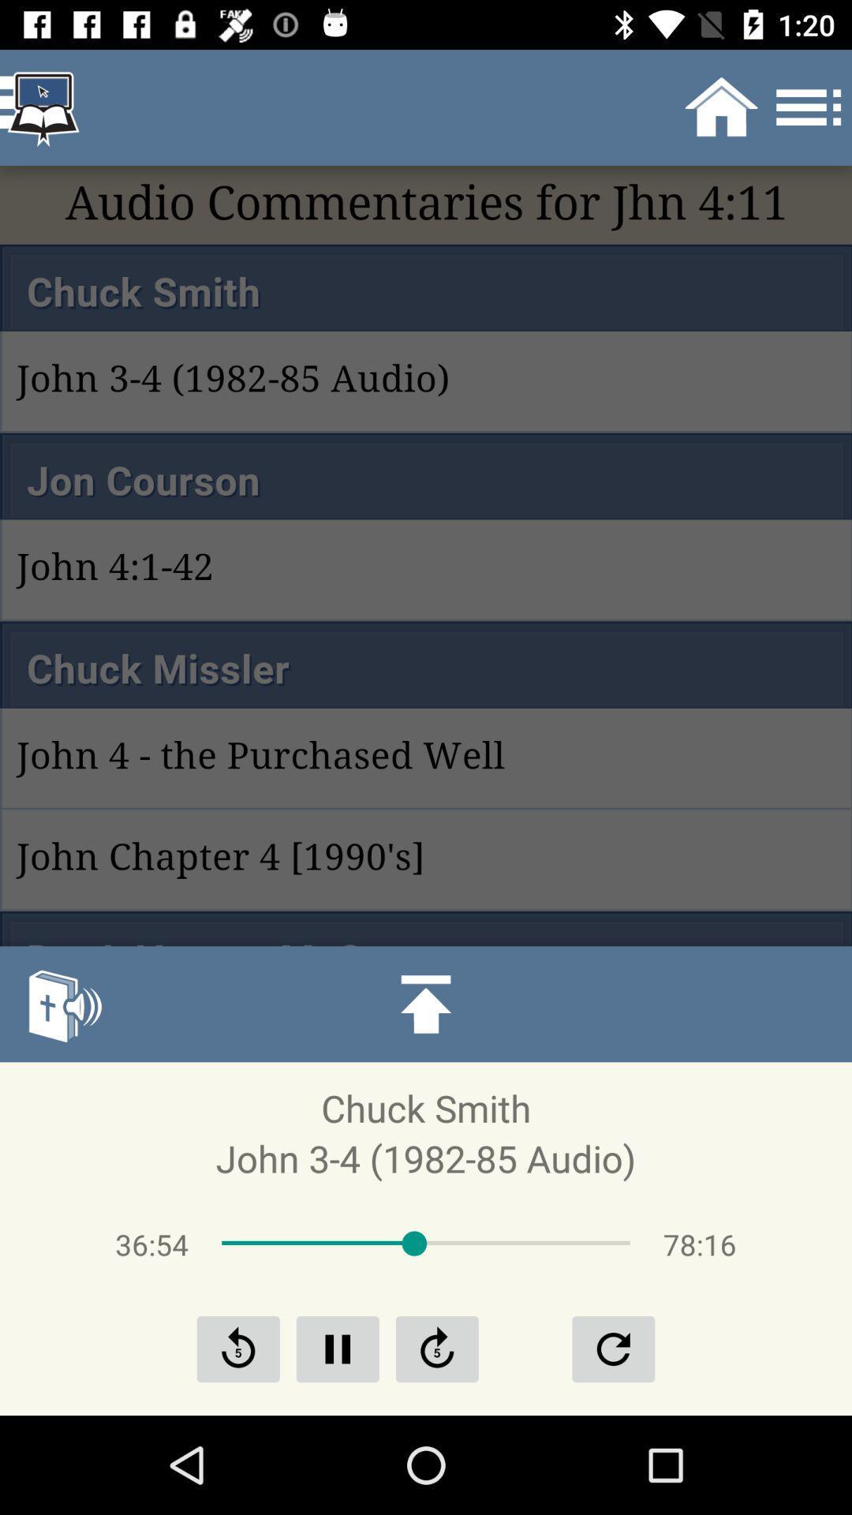  I want to click on back, so click(238, 1348).